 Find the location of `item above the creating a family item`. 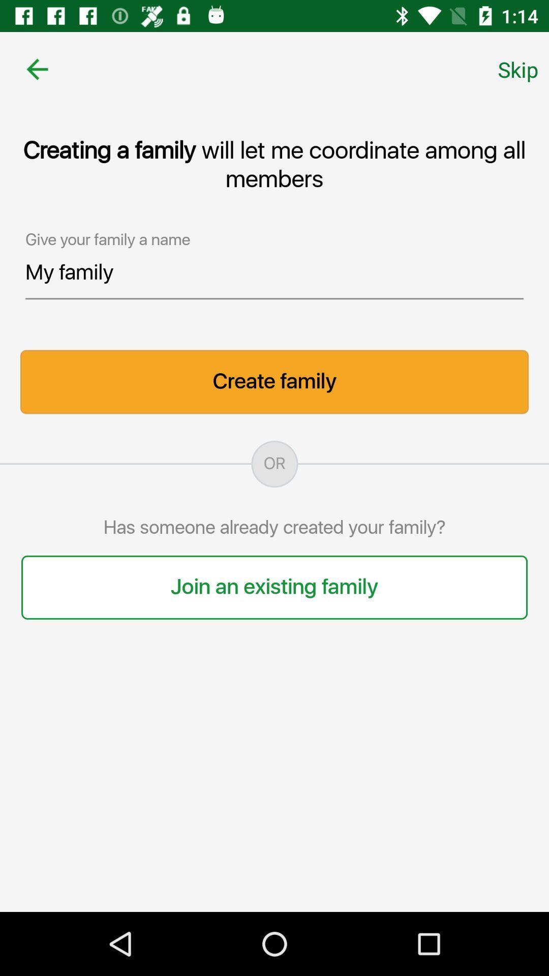

item above the creating a family item is located at coordinates (518, 69).